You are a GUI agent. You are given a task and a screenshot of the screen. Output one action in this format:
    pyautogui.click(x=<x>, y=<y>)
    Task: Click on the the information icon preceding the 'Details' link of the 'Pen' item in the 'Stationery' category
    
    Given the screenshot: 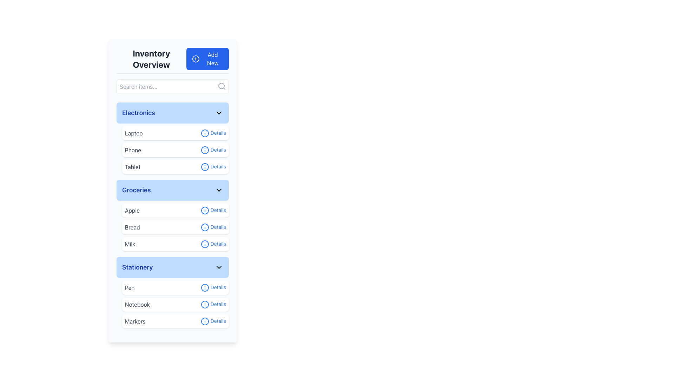 What is the action you would take?
    pyautogui.click(x=204, y=288)
    